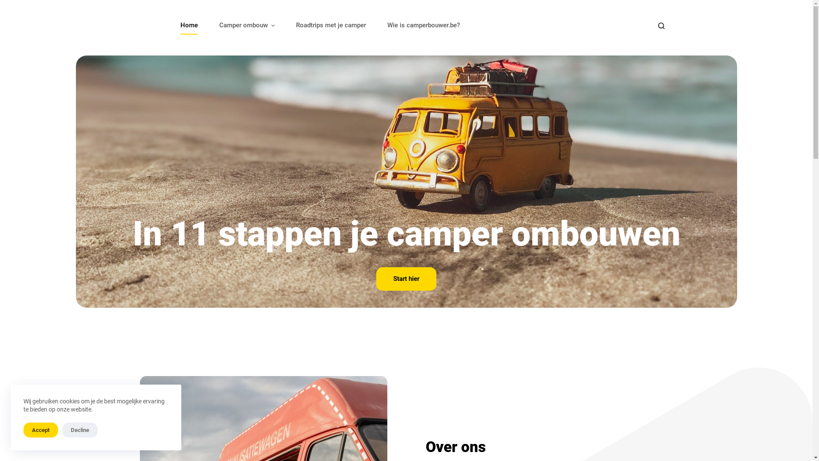  I want to click on 'Roadtrips met je camper', so click(330, 25).